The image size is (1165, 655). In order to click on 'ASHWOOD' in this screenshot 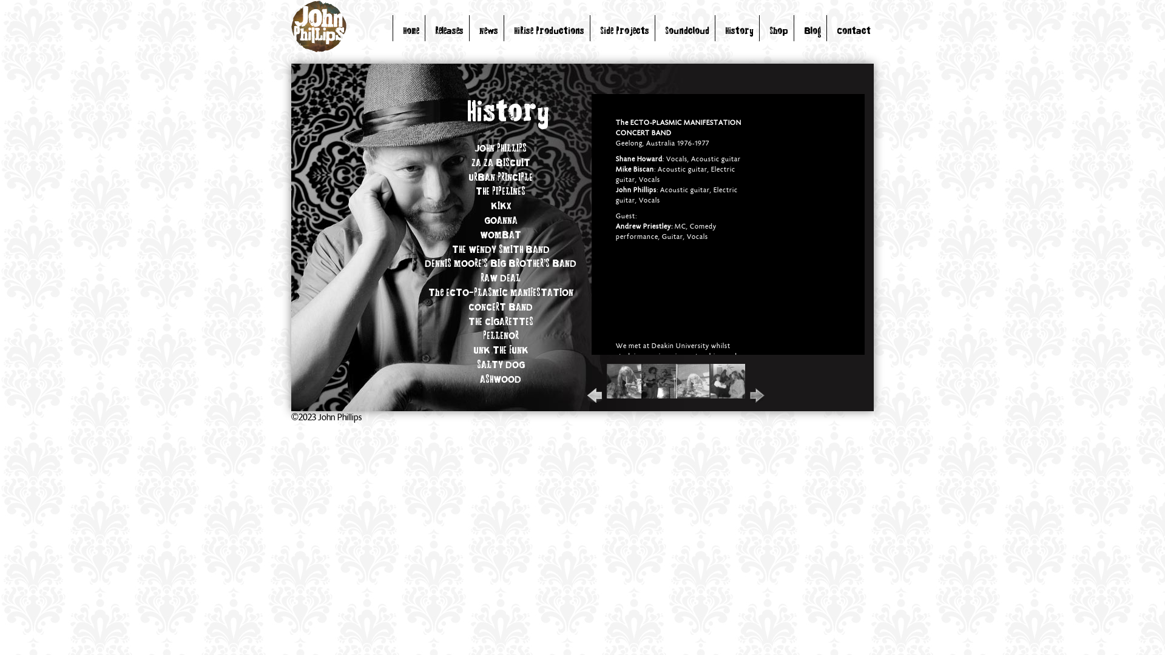, I will do `click(501, 380)`.